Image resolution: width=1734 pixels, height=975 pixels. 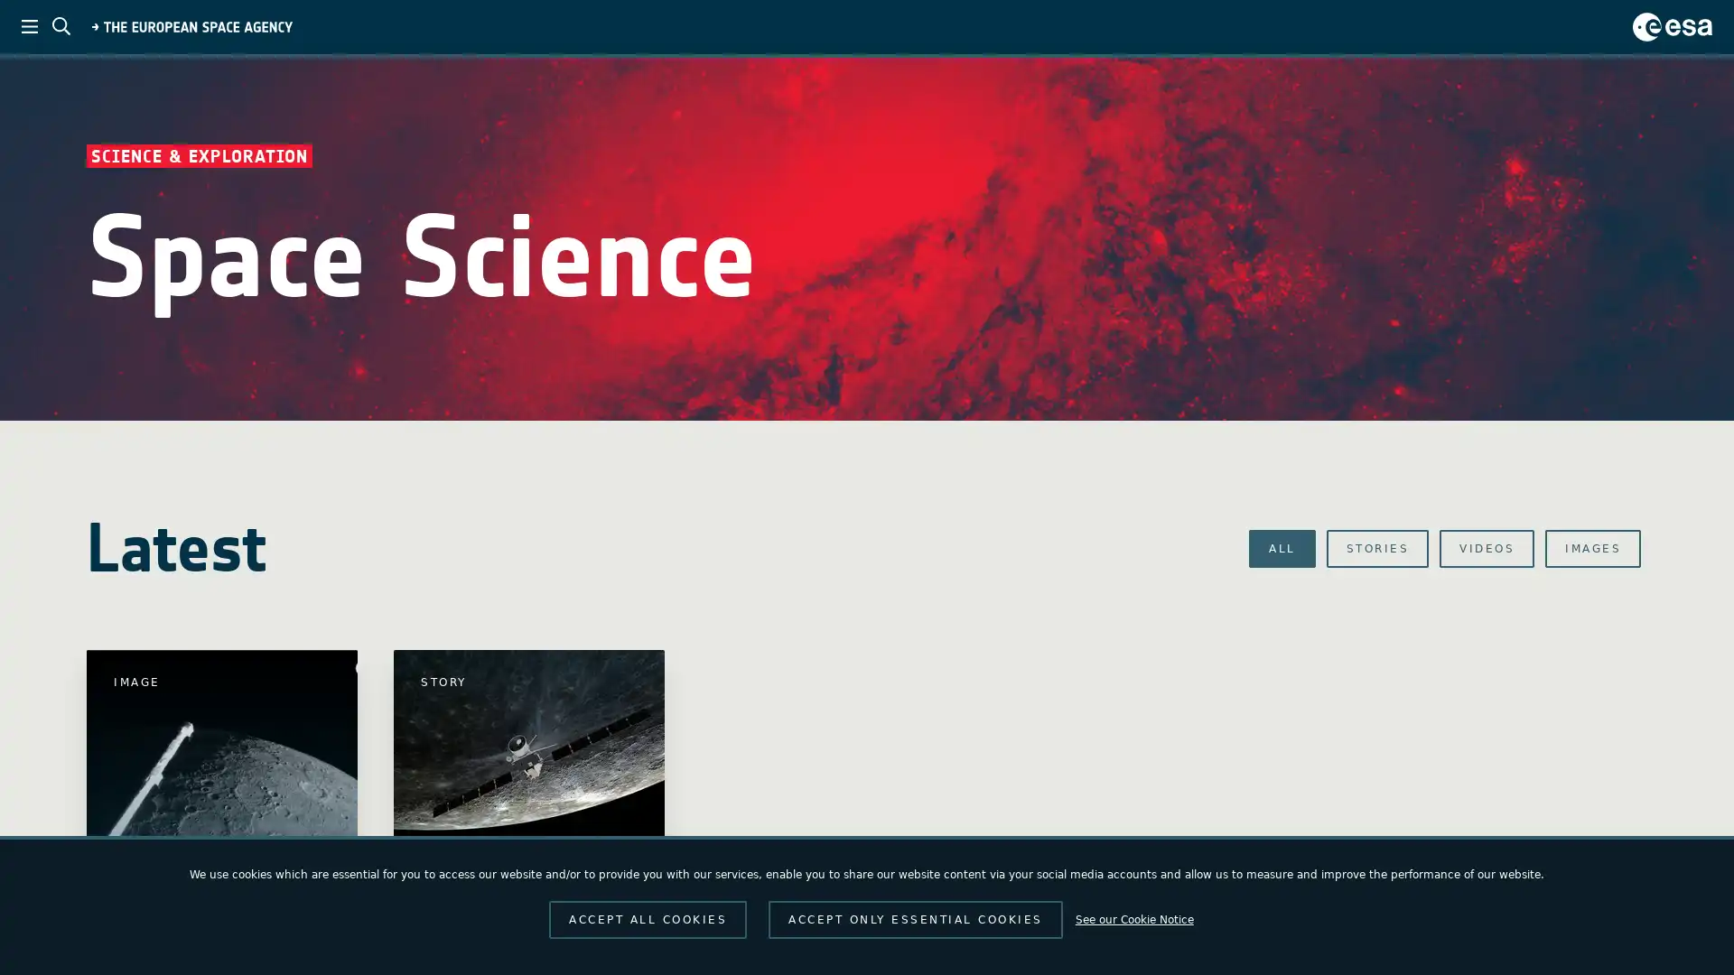 What do you see at coordinates (61, 26) in the screenshot?
I see `ESA search toggle` at bounding box center [61, 26].